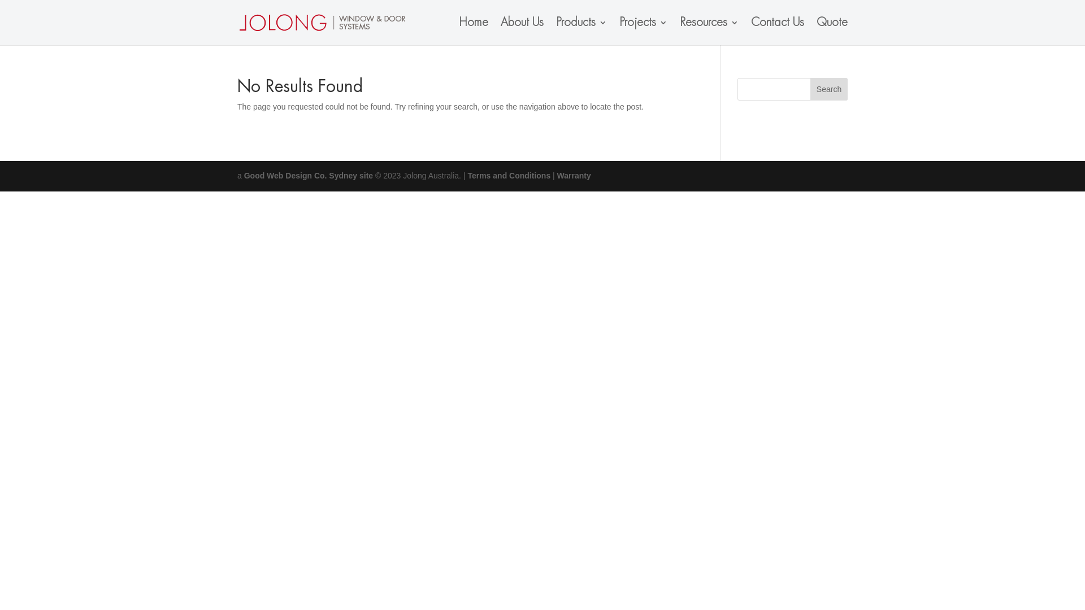 The width and height of the screenshot is (1085, 610). What do you see at coordinates (557, 176) in the screenshot?
I see `'Warranty'` at bounding box center [557, 176].